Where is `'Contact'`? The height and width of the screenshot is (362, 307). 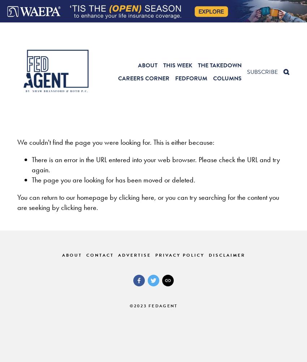
'Contact' is located at coordinates (99, 255).